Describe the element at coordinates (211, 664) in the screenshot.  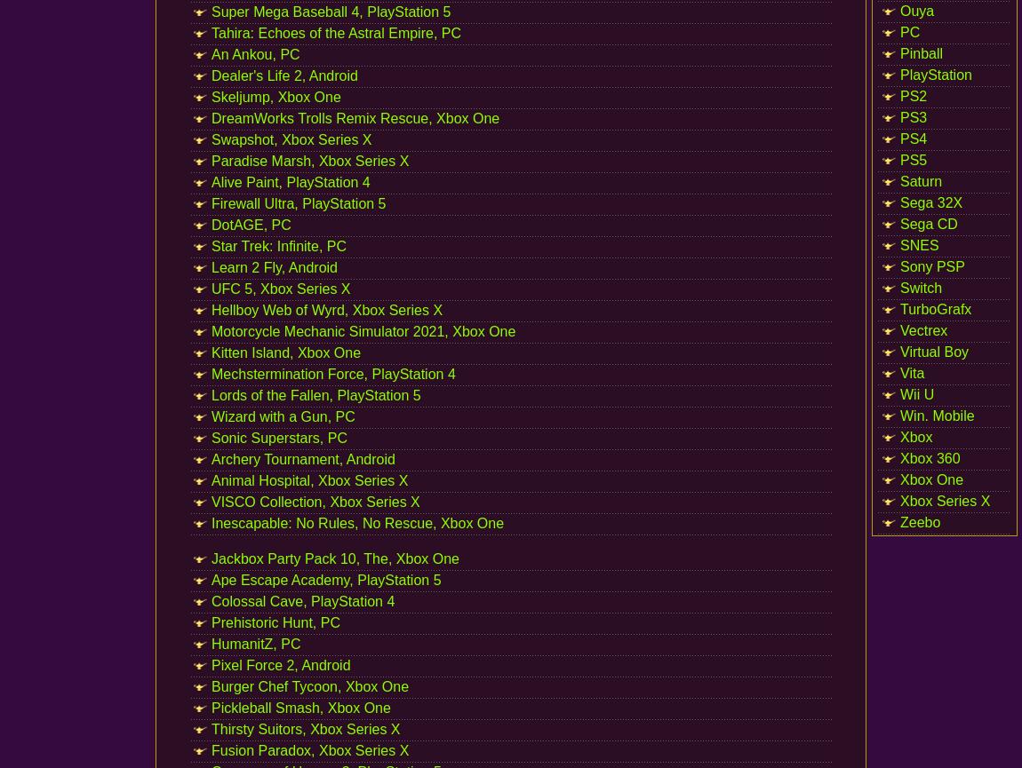
I see `'Pixel Force 2, Android'` at that location.